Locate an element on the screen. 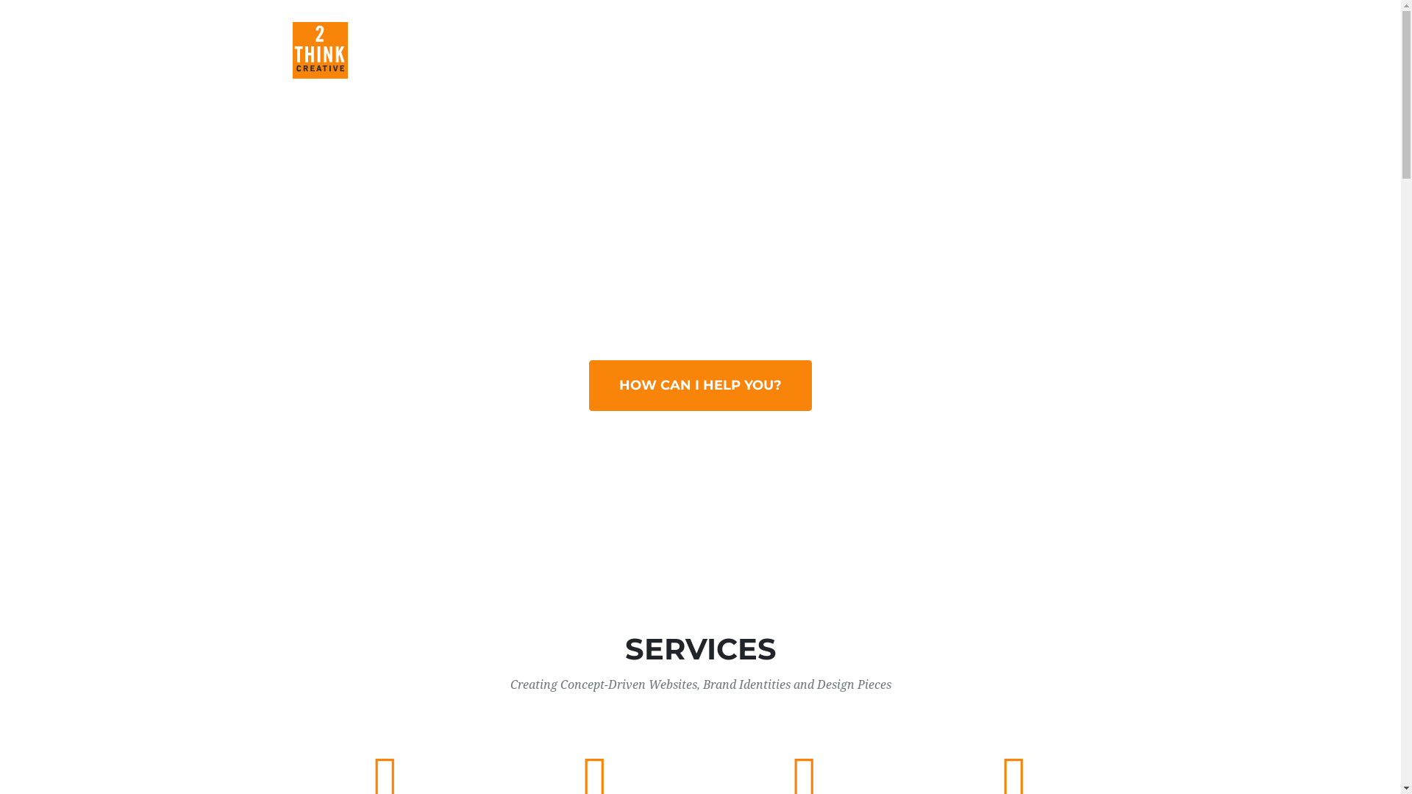  'PORTFOLIO' is located at coordinates (852, 49).